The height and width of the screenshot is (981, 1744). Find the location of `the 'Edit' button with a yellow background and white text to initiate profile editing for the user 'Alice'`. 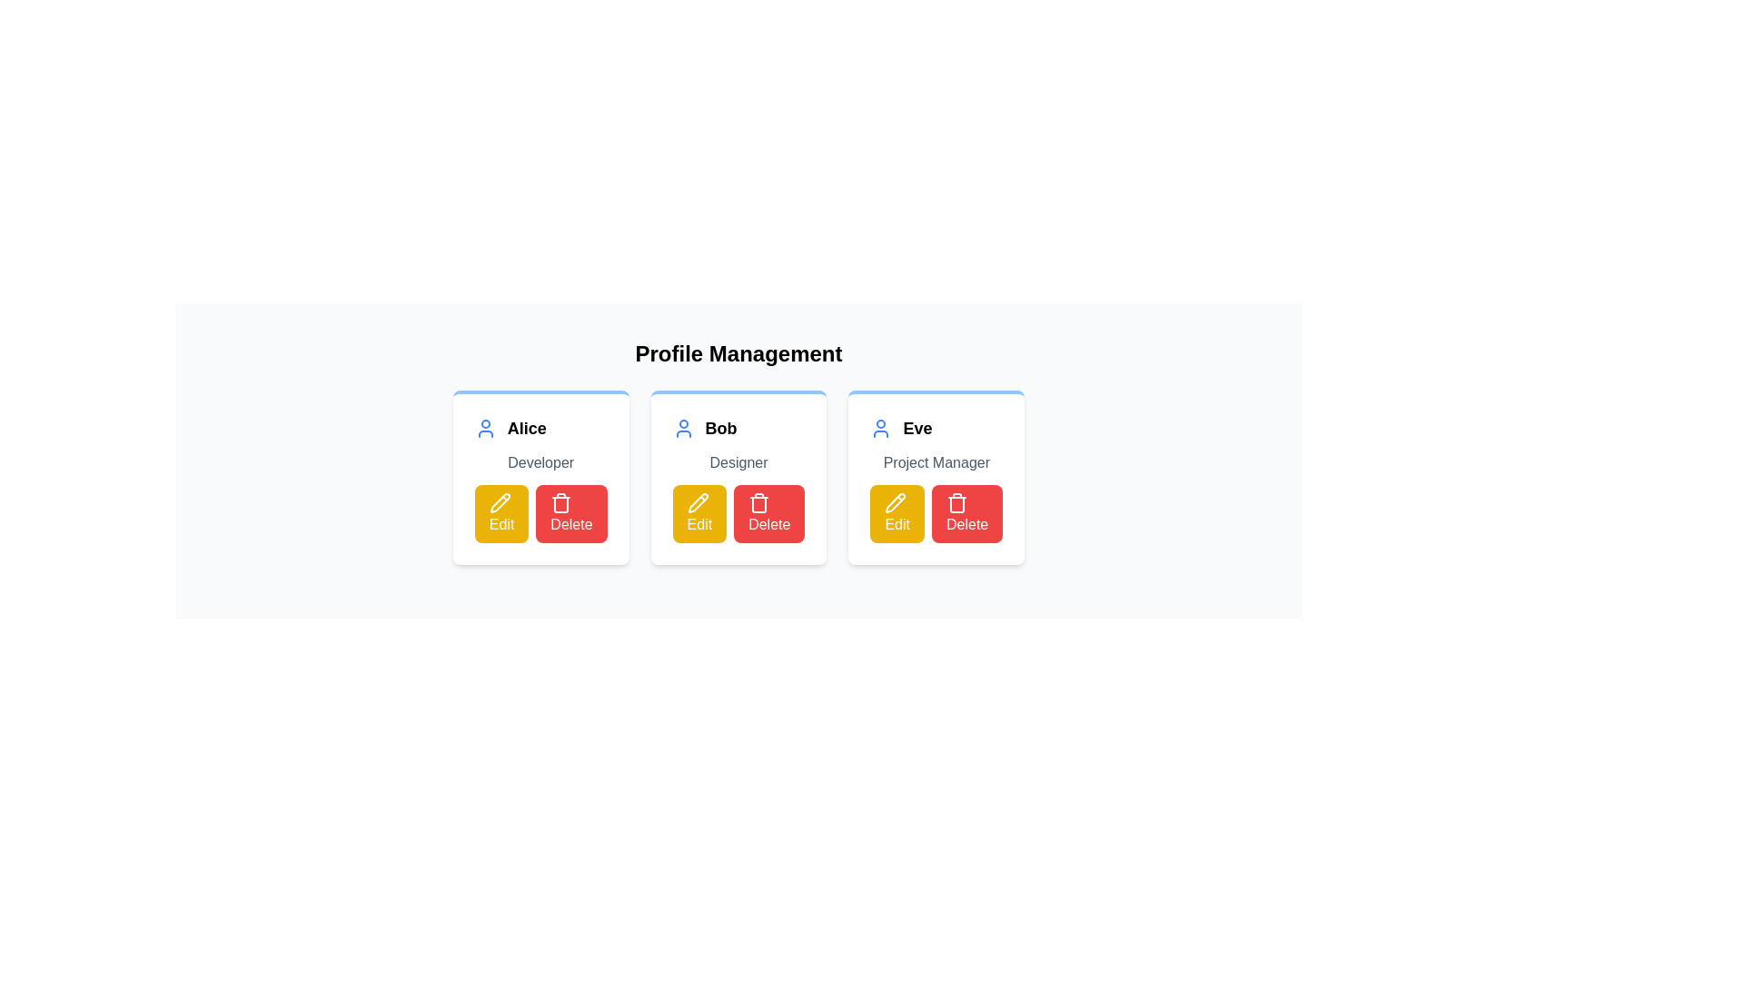

the 'Edit' button with a yellow background and white text to initiate profile editing for the user 'Alice' is located at coordinates (501, 514).